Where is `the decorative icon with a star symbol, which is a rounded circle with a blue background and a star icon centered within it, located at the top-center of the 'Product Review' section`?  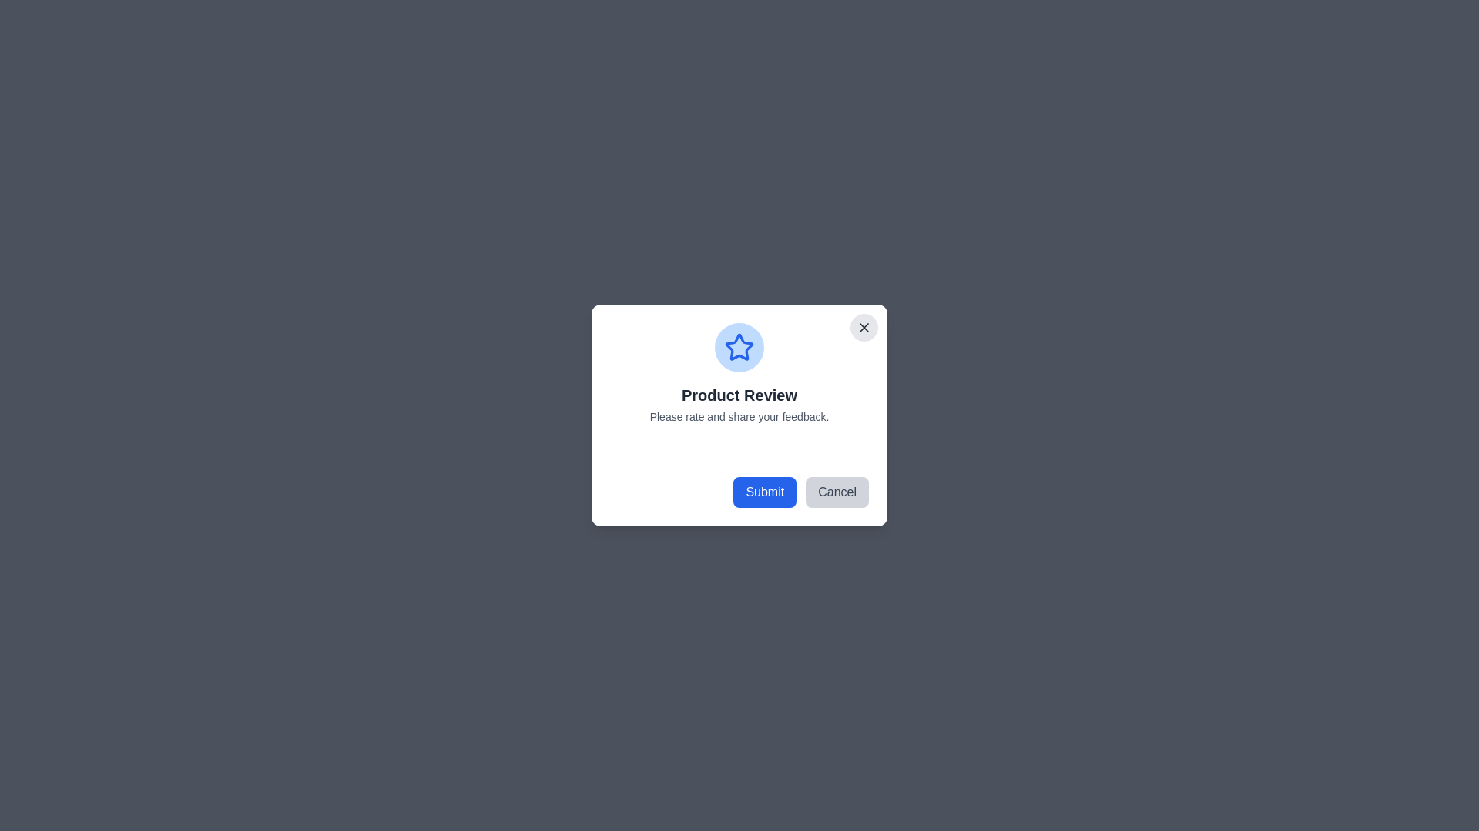
the decorative icon with a star symbol, which is a rounded circle with a blue background and a star icon centered within it, located at the top-center of the 'Product Review' section is located at coordinates (739, 347).